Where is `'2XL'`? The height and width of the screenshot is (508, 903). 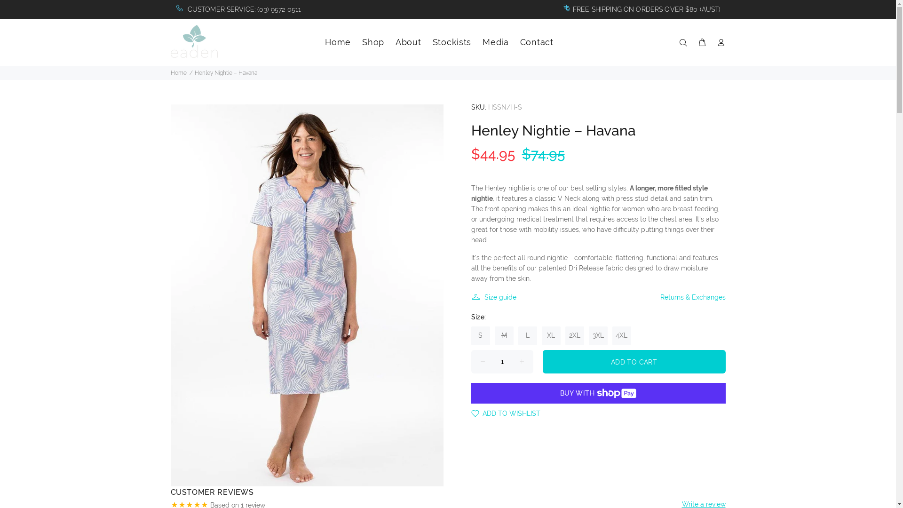 '2XL' is located at coordinates (574, 335).